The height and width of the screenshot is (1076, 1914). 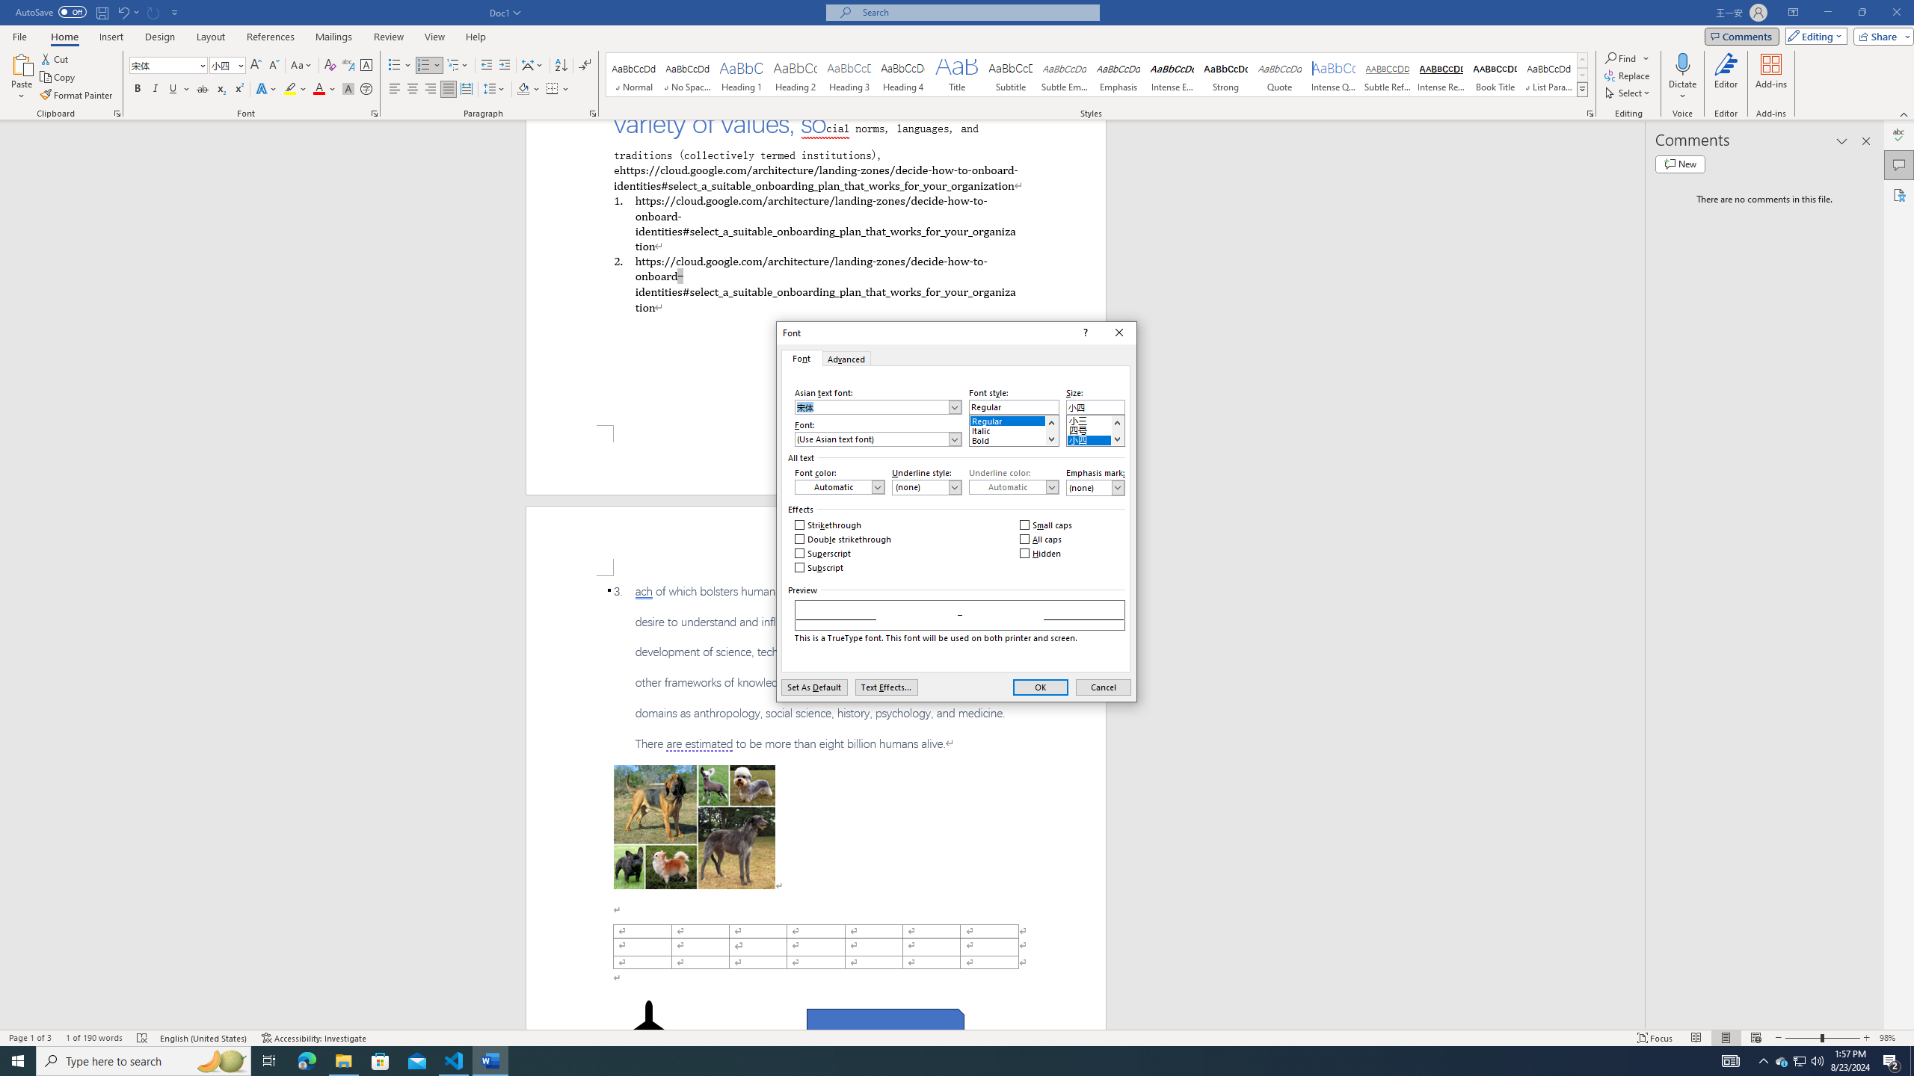 I want to click on 'Center', so click(x=411, y=88).